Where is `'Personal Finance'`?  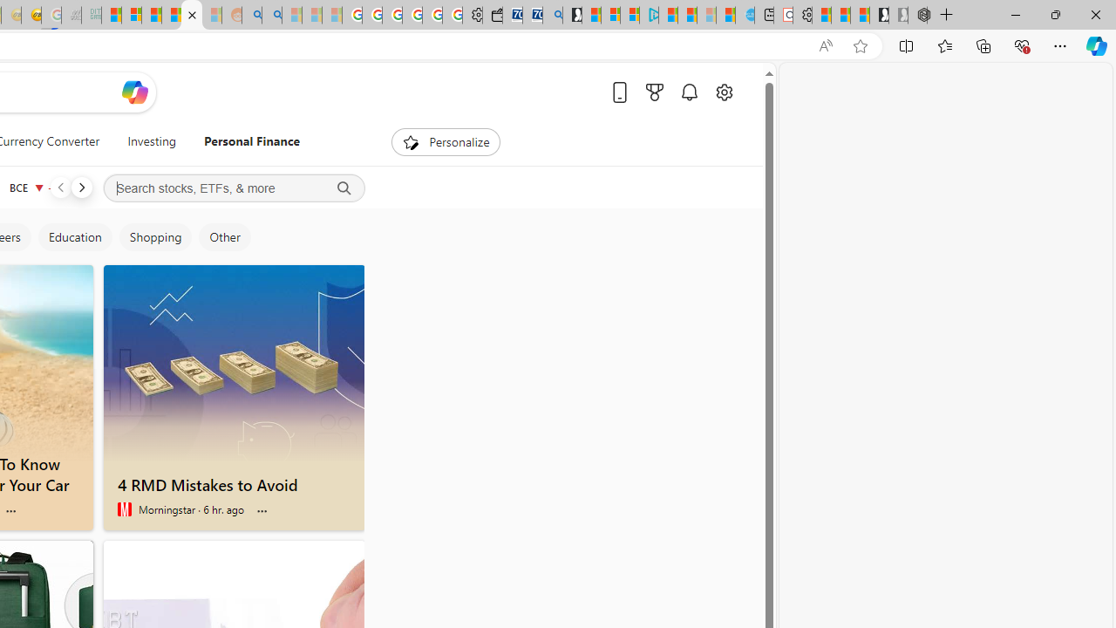 'Personal Finance' is located at coordinates (244, 141).